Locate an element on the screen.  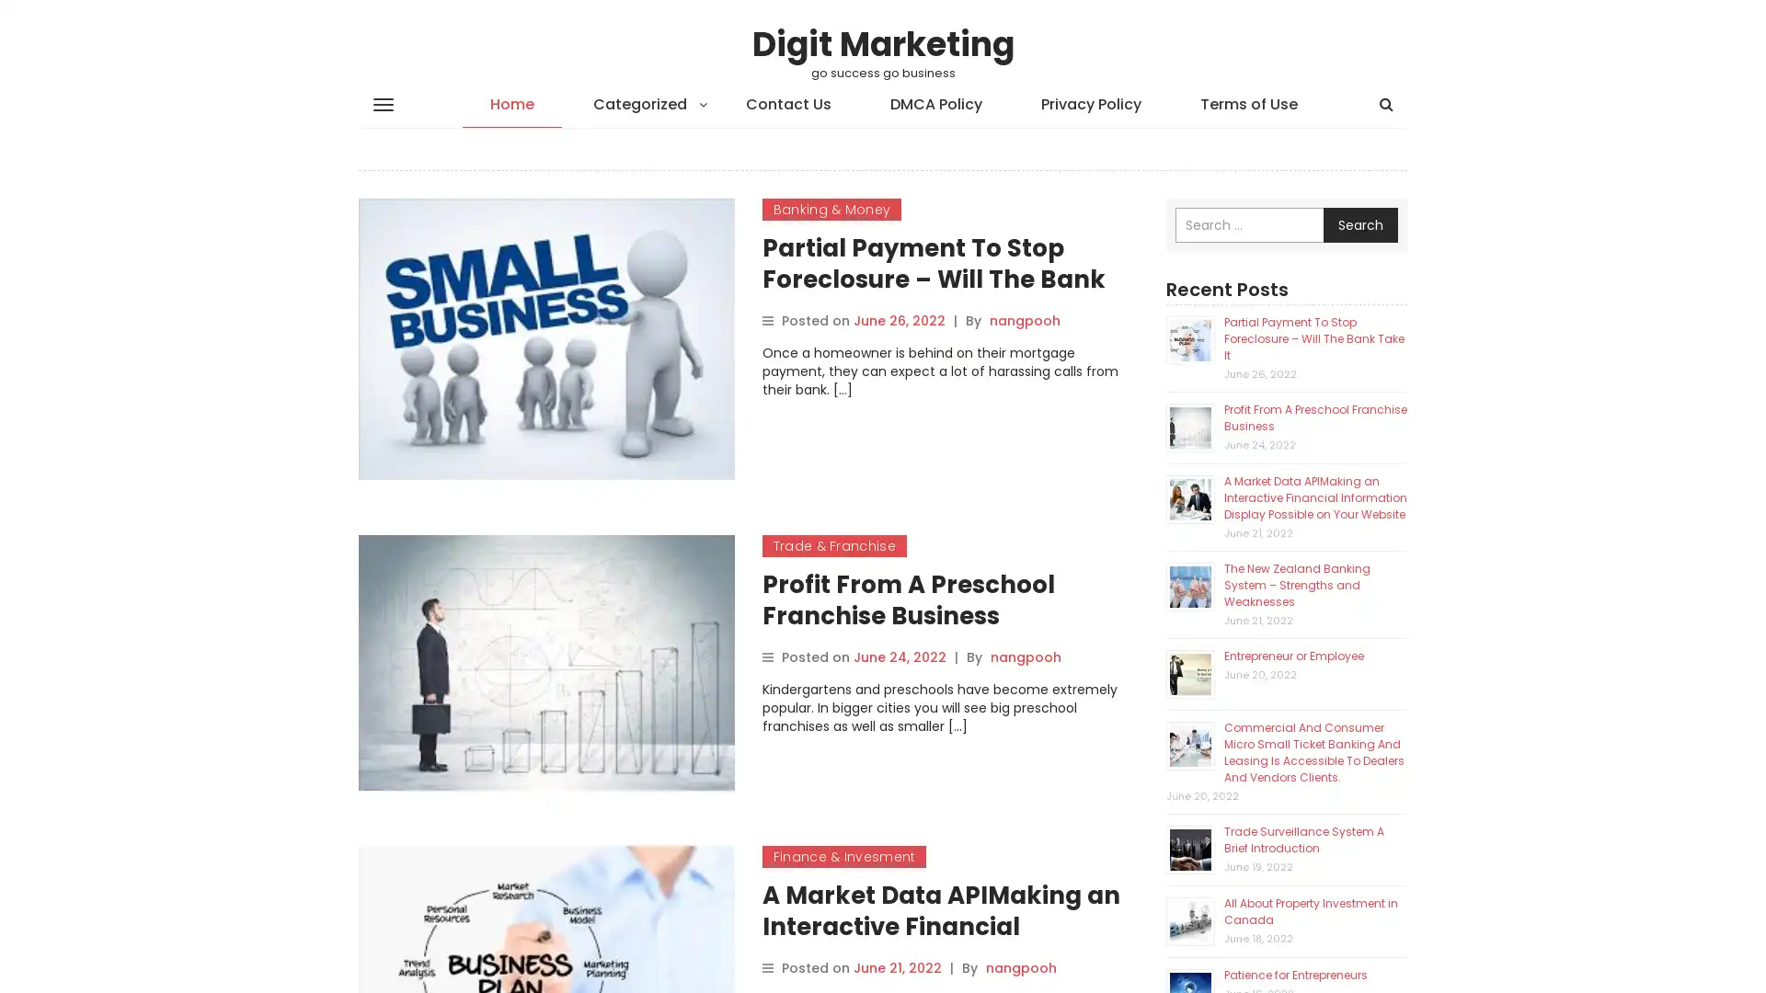
Search is located at coordinates (1360, 224).